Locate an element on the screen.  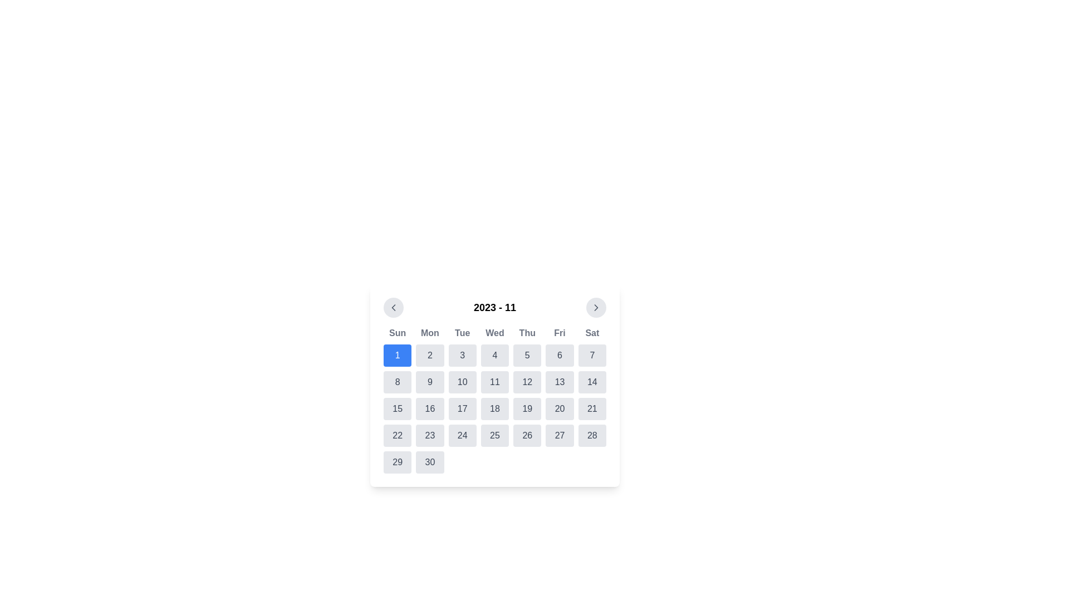
the rectangular button labeled '28' with a light gray background and rounded corners to focus it is located at coordinates (591, 435).